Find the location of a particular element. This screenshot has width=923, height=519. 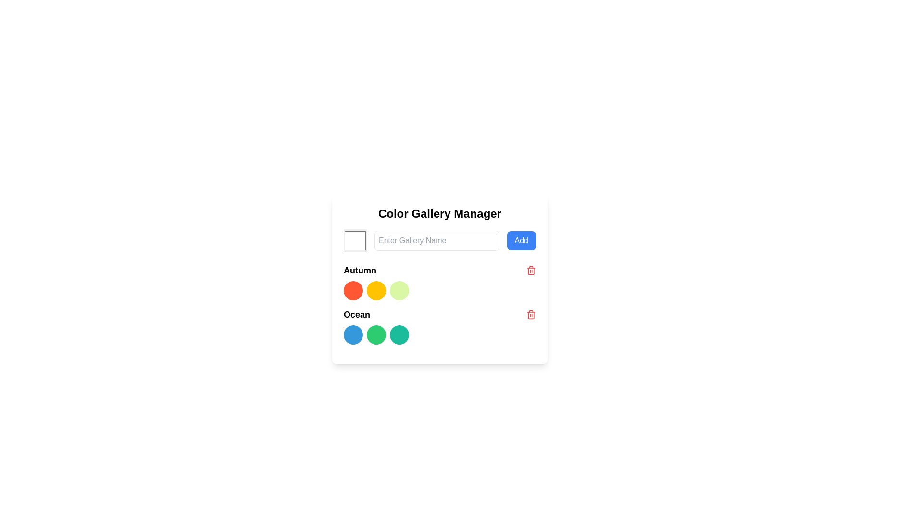

the action trigger button located at the far right of the horizontal layout, which is designed is located at coordinates (521, 240).